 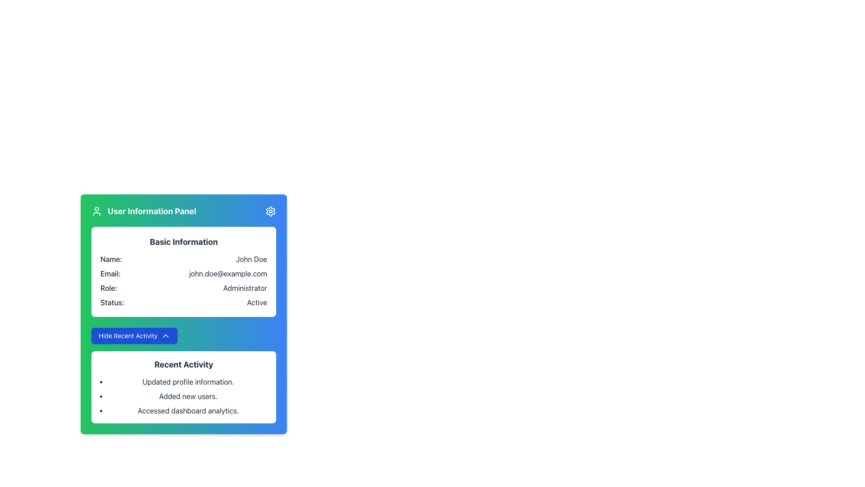 What do you see at coordinates (108, 288) in the screenshot?
I see `the text label displaying 'Role:' located in the 'Basic Information' section of the user information panel` at bounding box center [108, 288].